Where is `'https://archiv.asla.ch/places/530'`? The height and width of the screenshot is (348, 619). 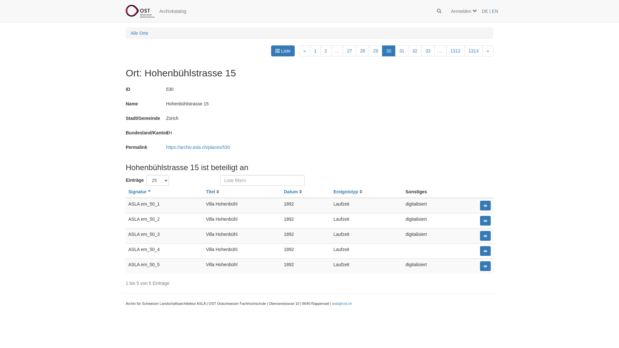
'https://archiv.asla.ch/places/530' is located at coordinates (198, 147).